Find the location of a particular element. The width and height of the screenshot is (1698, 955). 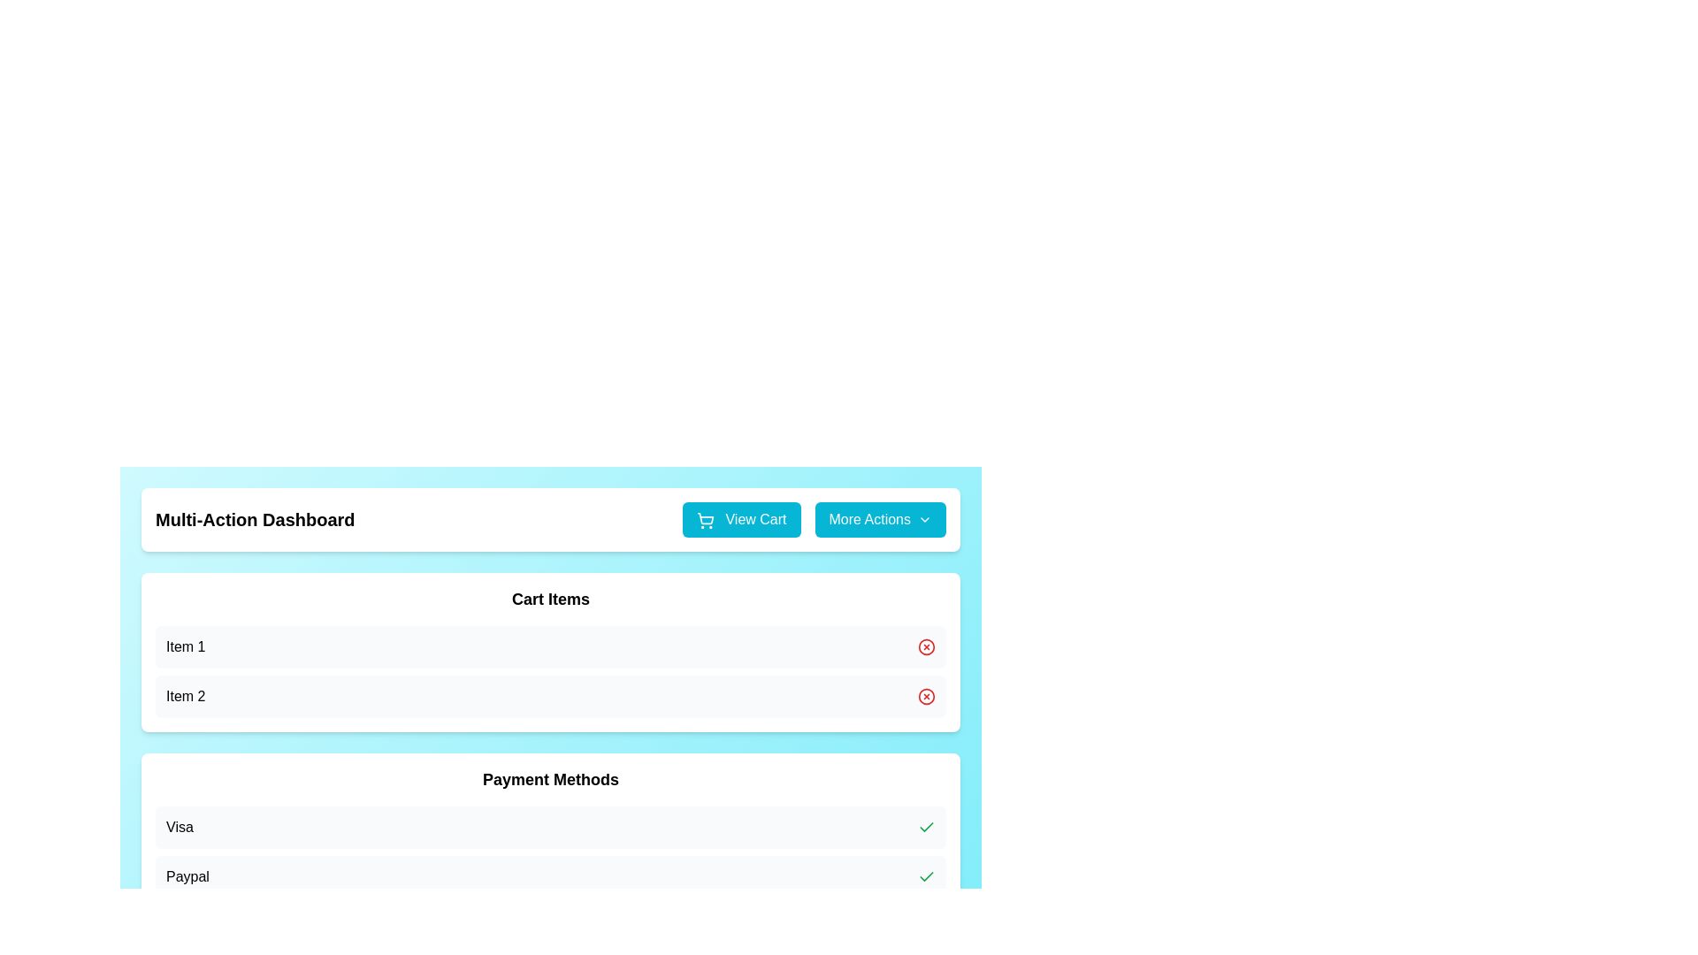

the removal button for 'Item 2' in the cart, located in the second row of the 'Cart Items' section at the far-right of the 'Item 2' text is located at coordinates (925, 695).